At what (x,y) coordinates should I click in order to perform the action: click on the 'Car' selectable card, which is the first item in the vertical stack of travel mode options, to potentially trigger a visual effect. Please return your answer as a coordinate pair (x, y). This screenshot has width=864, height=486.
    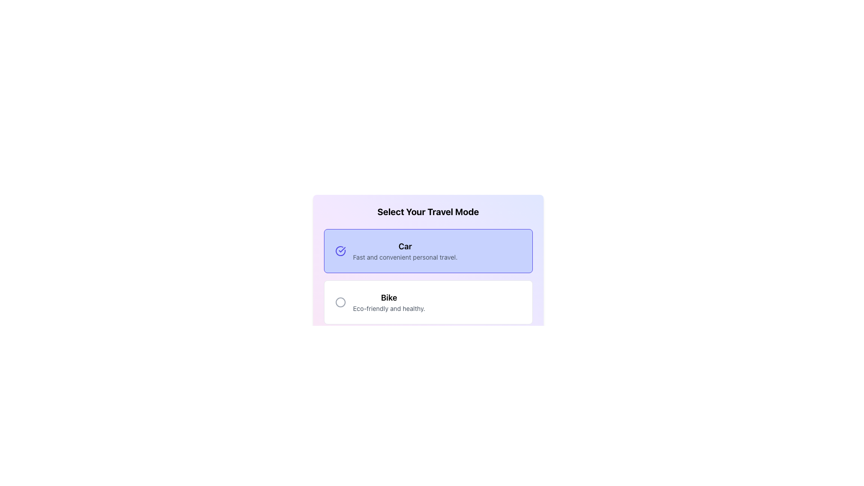
    Looking at the image, I should click on (427, 251).